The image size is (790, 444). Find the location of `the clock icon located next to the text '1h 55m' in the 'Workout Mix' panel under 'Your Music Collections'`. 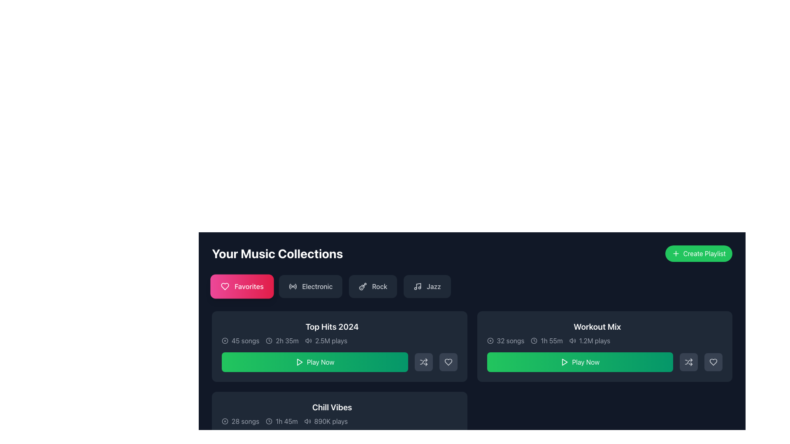

the clock icon located next to the text '1h 55m' in the 'Workout Mix' panel under 'Your Music Collections' is located at coordinates (534, 341).